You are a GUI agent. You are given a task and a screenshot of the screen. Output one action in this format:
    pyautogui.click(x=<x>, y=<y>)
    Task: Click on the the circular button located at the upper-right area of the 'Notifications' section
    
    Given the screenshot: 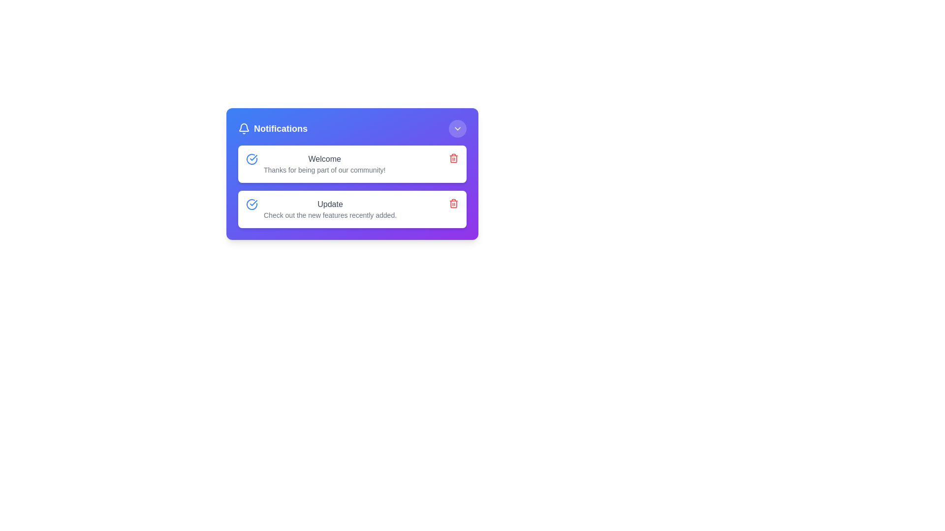 What is the action you would take?
    pyautogui.click(x=457, y=128)
    